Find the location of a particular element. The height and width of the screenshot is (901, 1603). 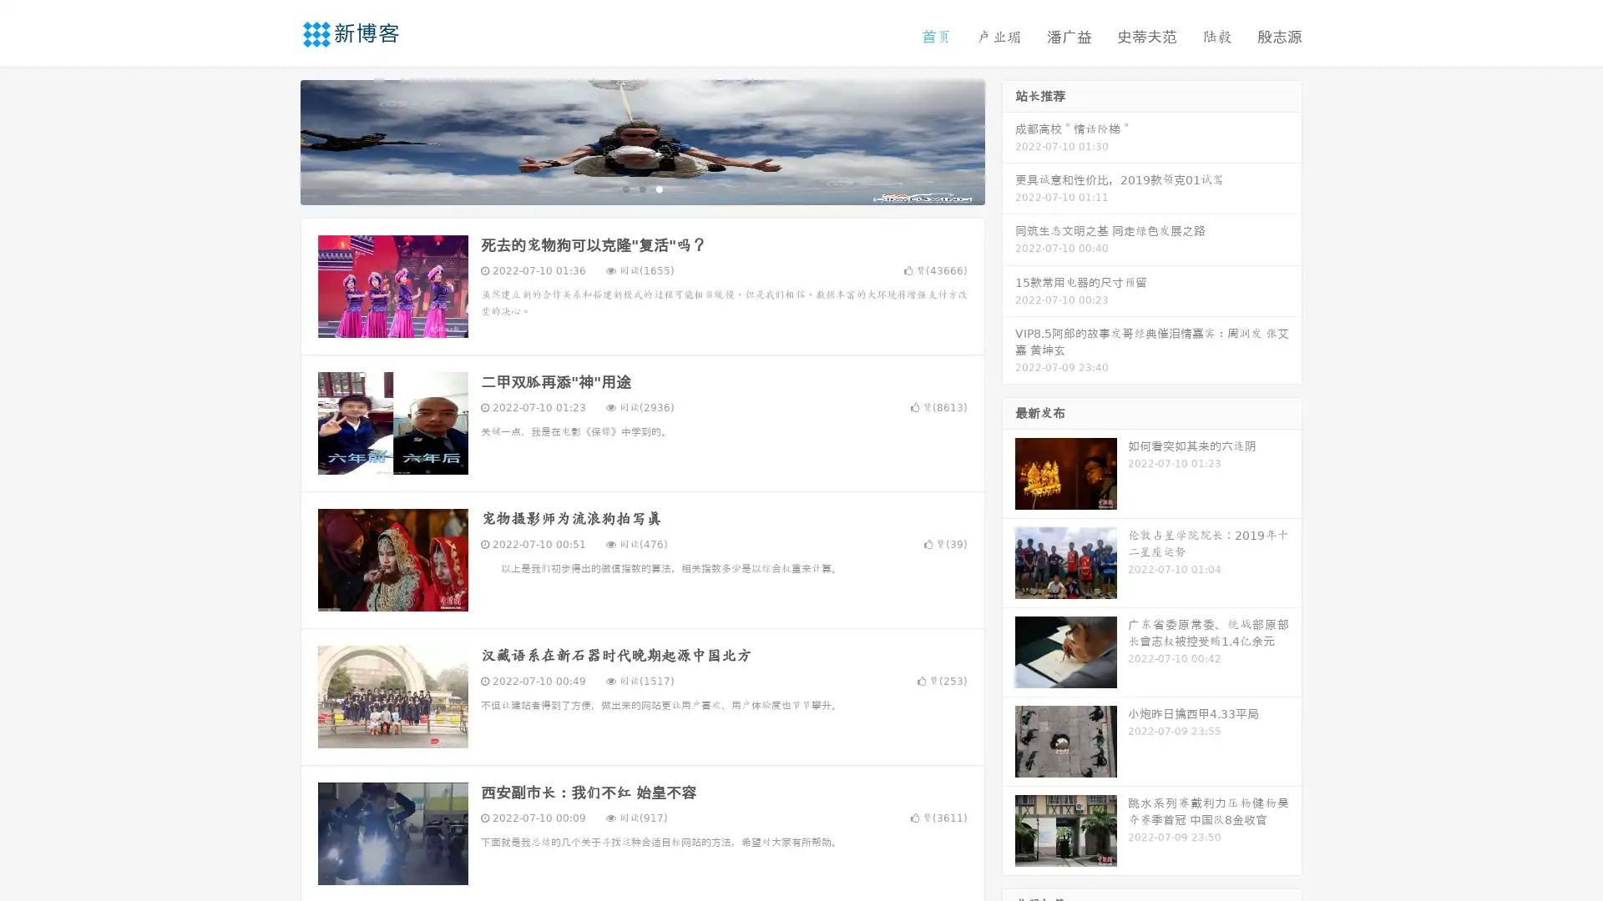

Next slide is located at coordinates (1009, 140).